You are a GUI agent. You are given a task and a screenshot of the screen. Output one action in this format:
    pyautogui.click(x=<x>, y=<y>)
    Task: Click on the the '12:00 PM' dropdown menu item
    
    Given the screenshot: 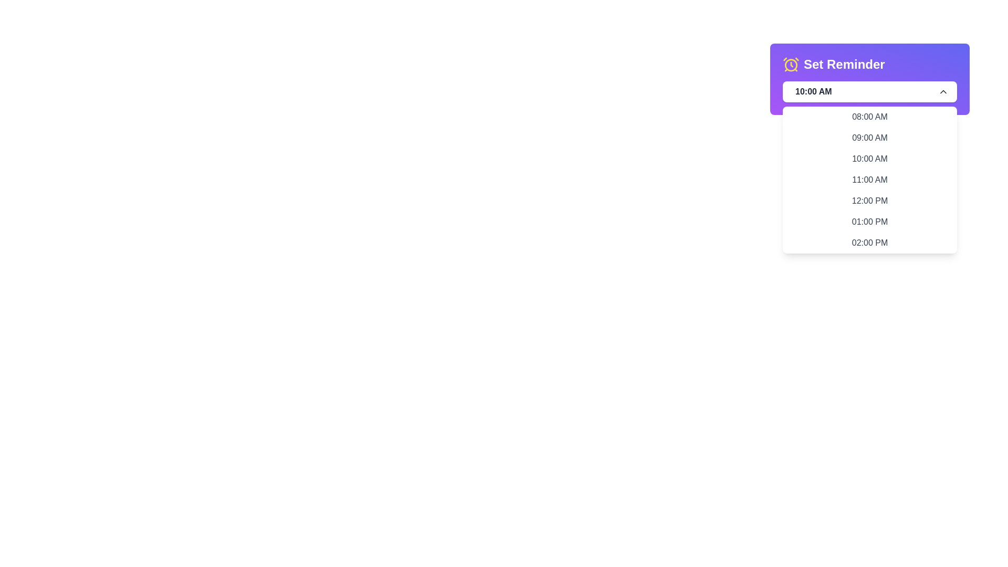 What is the action you would take?
    pyautogui.click(x=869, y=201)
    